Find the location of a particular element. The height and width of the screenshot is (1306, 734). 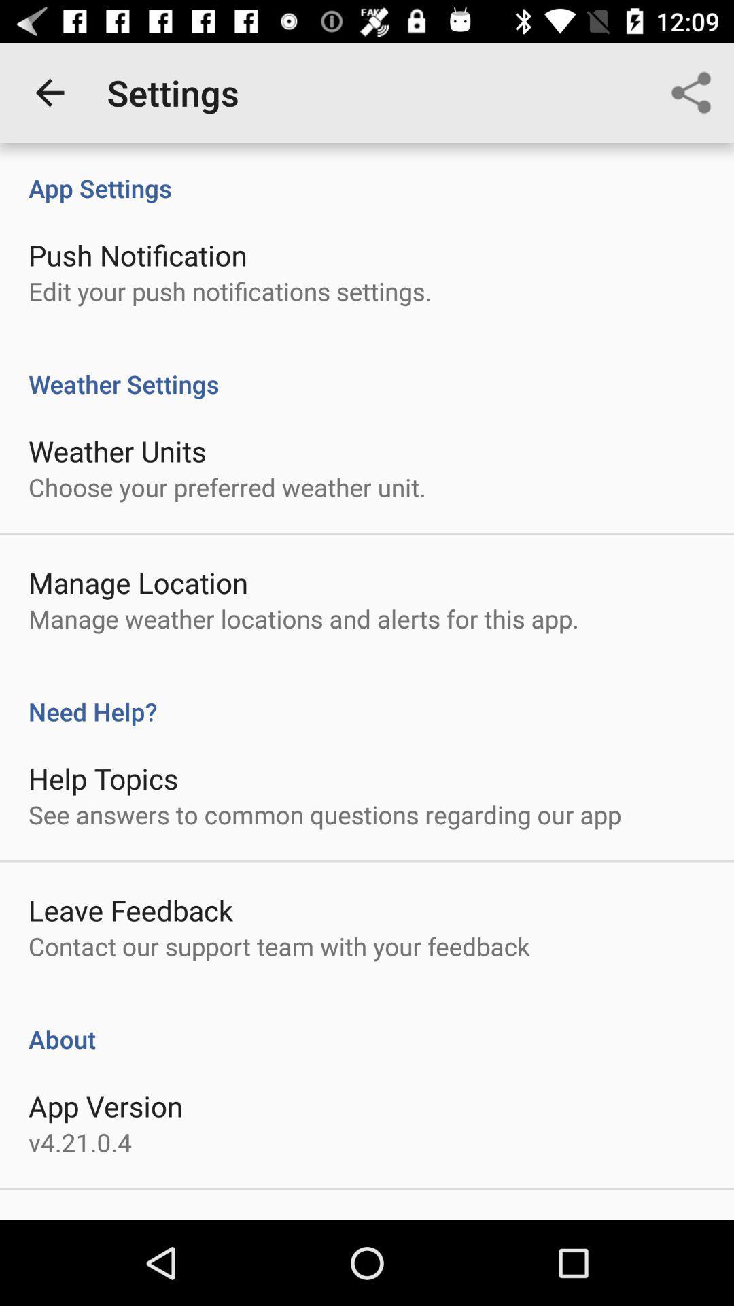

see answers to item is located at coordinates (325, 814).